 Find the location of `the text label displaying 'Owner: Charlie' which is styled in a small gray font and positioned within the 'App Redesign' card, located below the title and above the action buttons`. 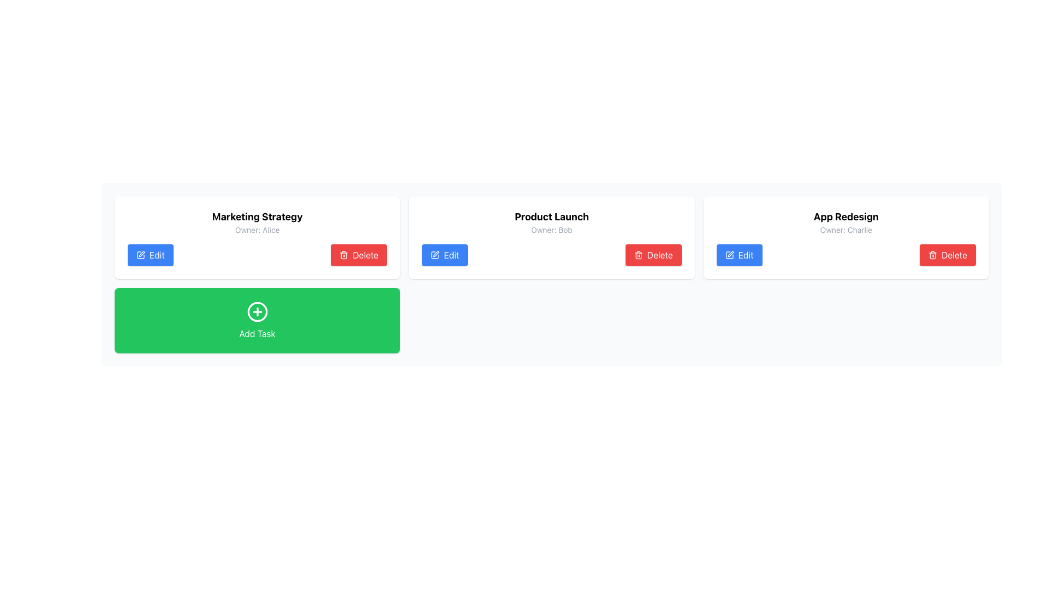

the text label displaying 'Owner: Charlie' which is styled in a small gray font and positioned within the 'App Redesign' card, located below the title and above the action buttons is located at coordinates (845, 229).